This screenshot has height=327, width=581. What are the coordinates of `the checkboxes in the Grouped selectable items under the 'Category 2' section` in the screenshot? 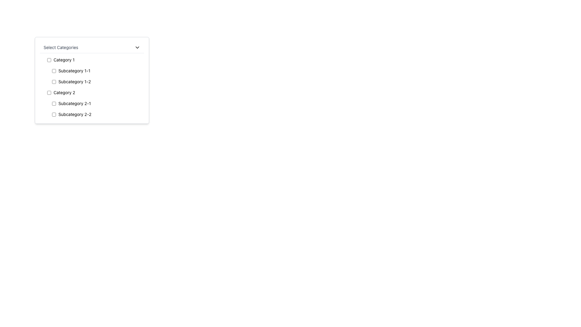 It's located at (94, 108).